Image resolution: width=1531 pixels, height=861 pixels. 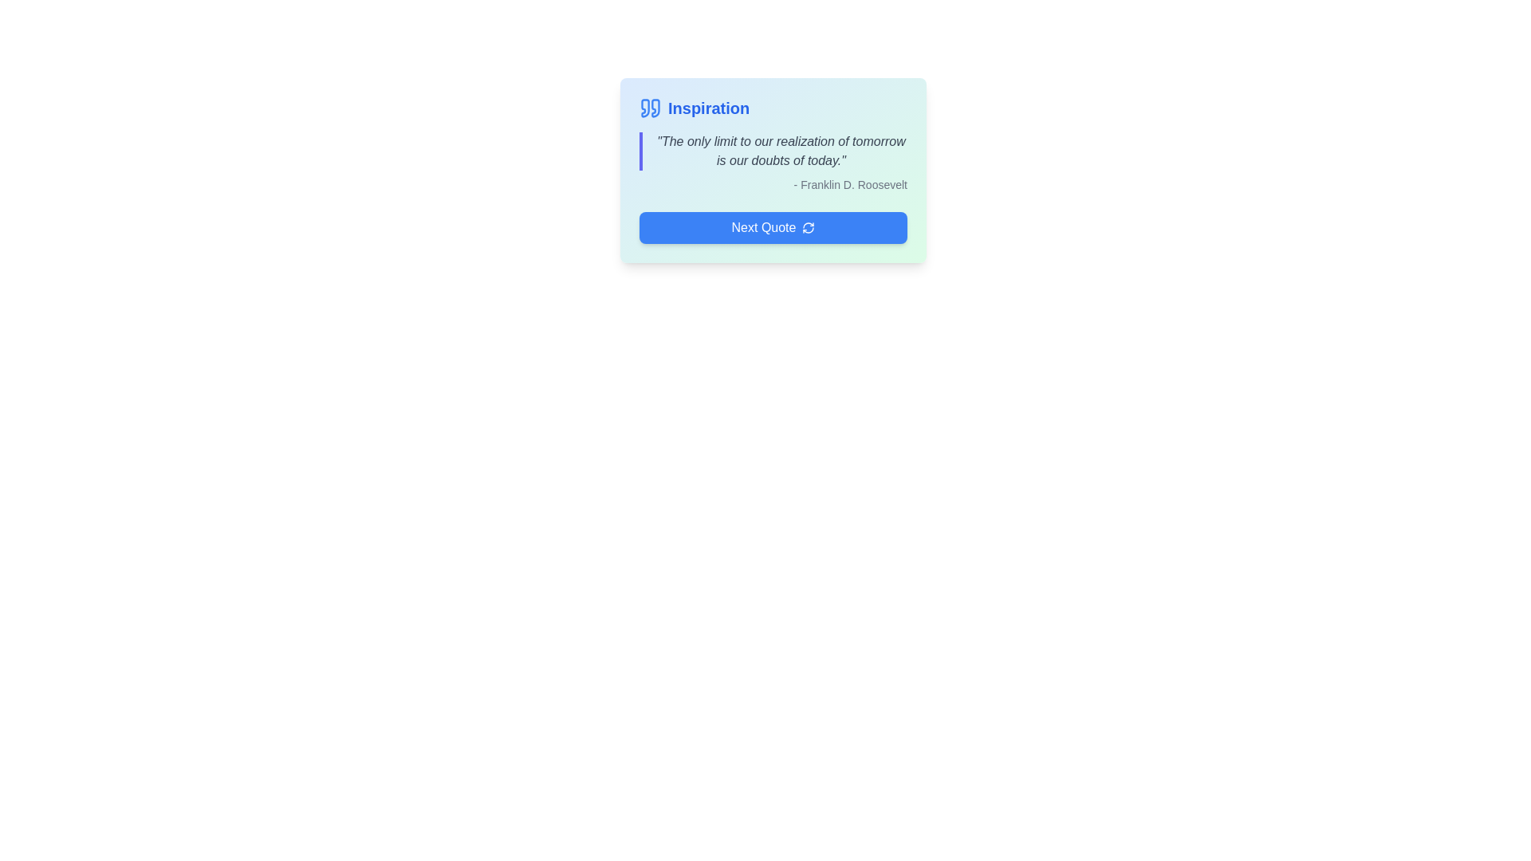 What do you see at coordinates (773, 227) in the screenshot?
I see `the button located at the bottom of the quote card for accessibility navigation` at bounding box center [773, 227].